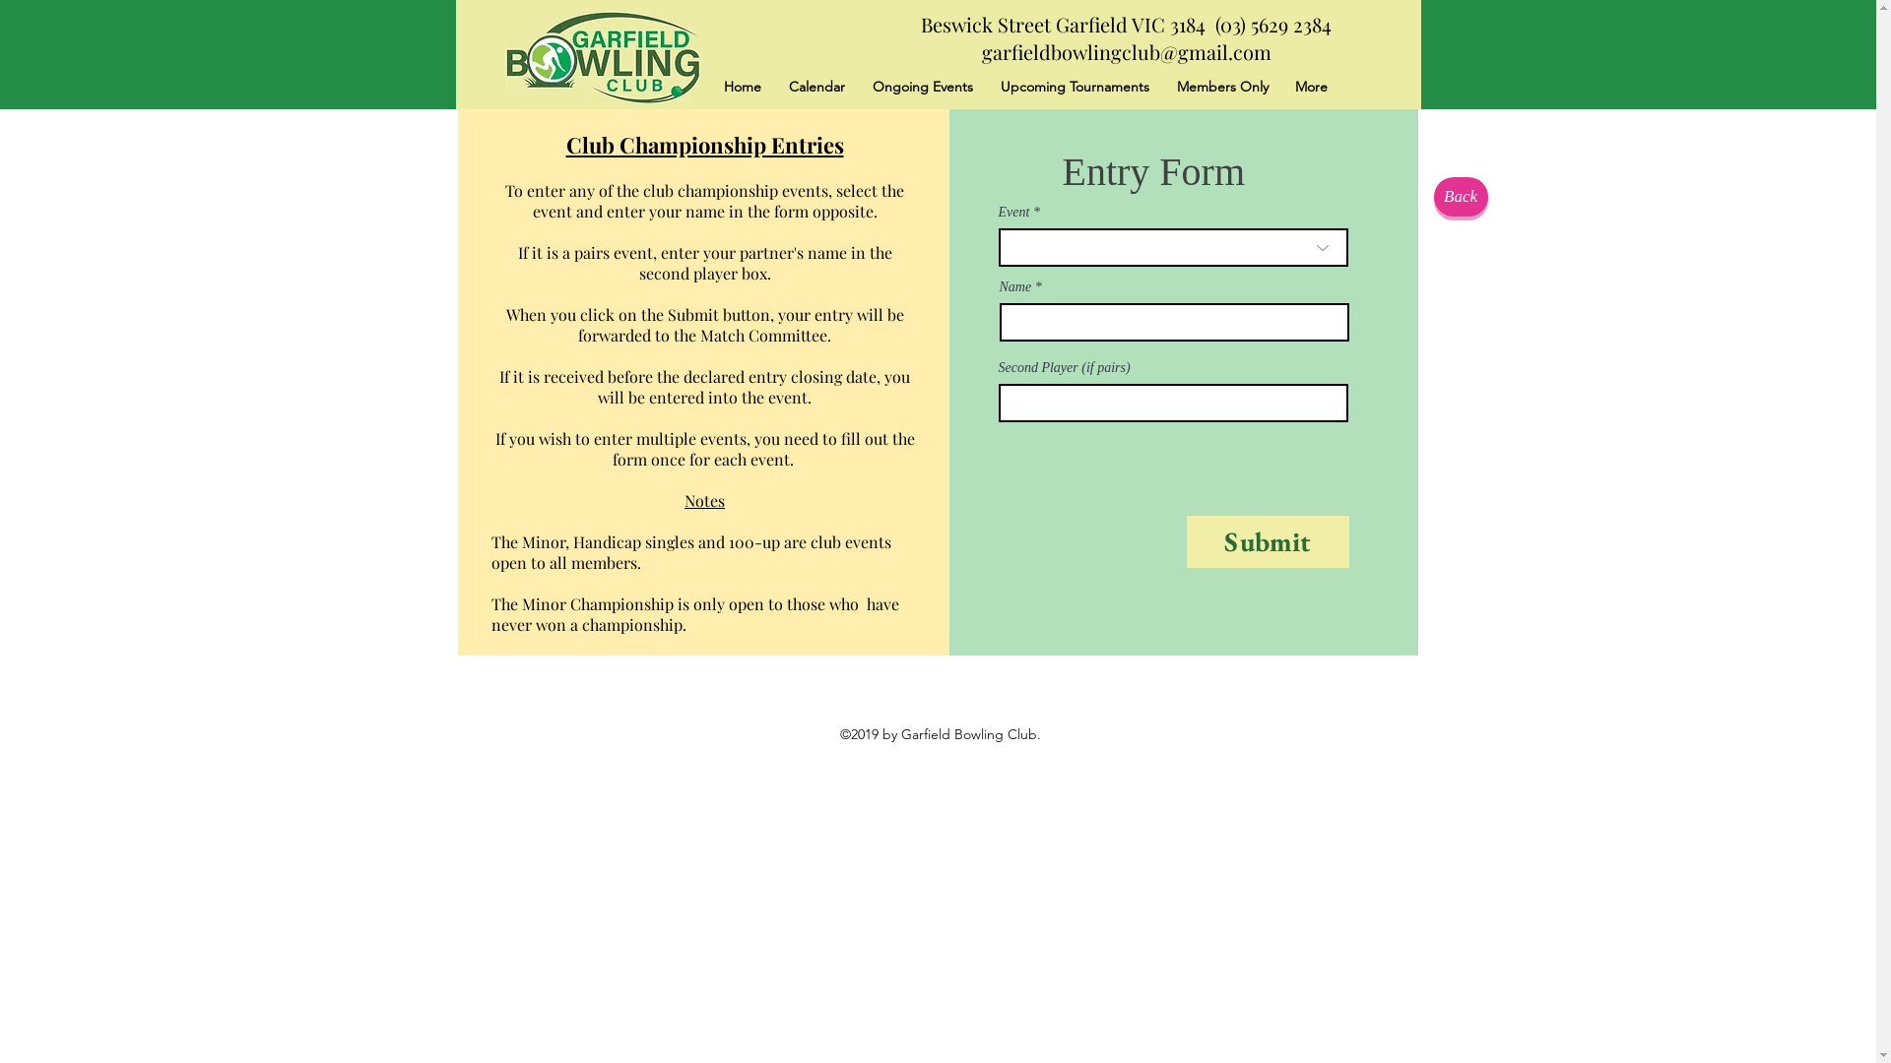 Image resolution: width=1891 pixels, height=1063 pixels. Describe the element at coordinates (1461, 197) in the screenshot. I see `'Back'` at that location.